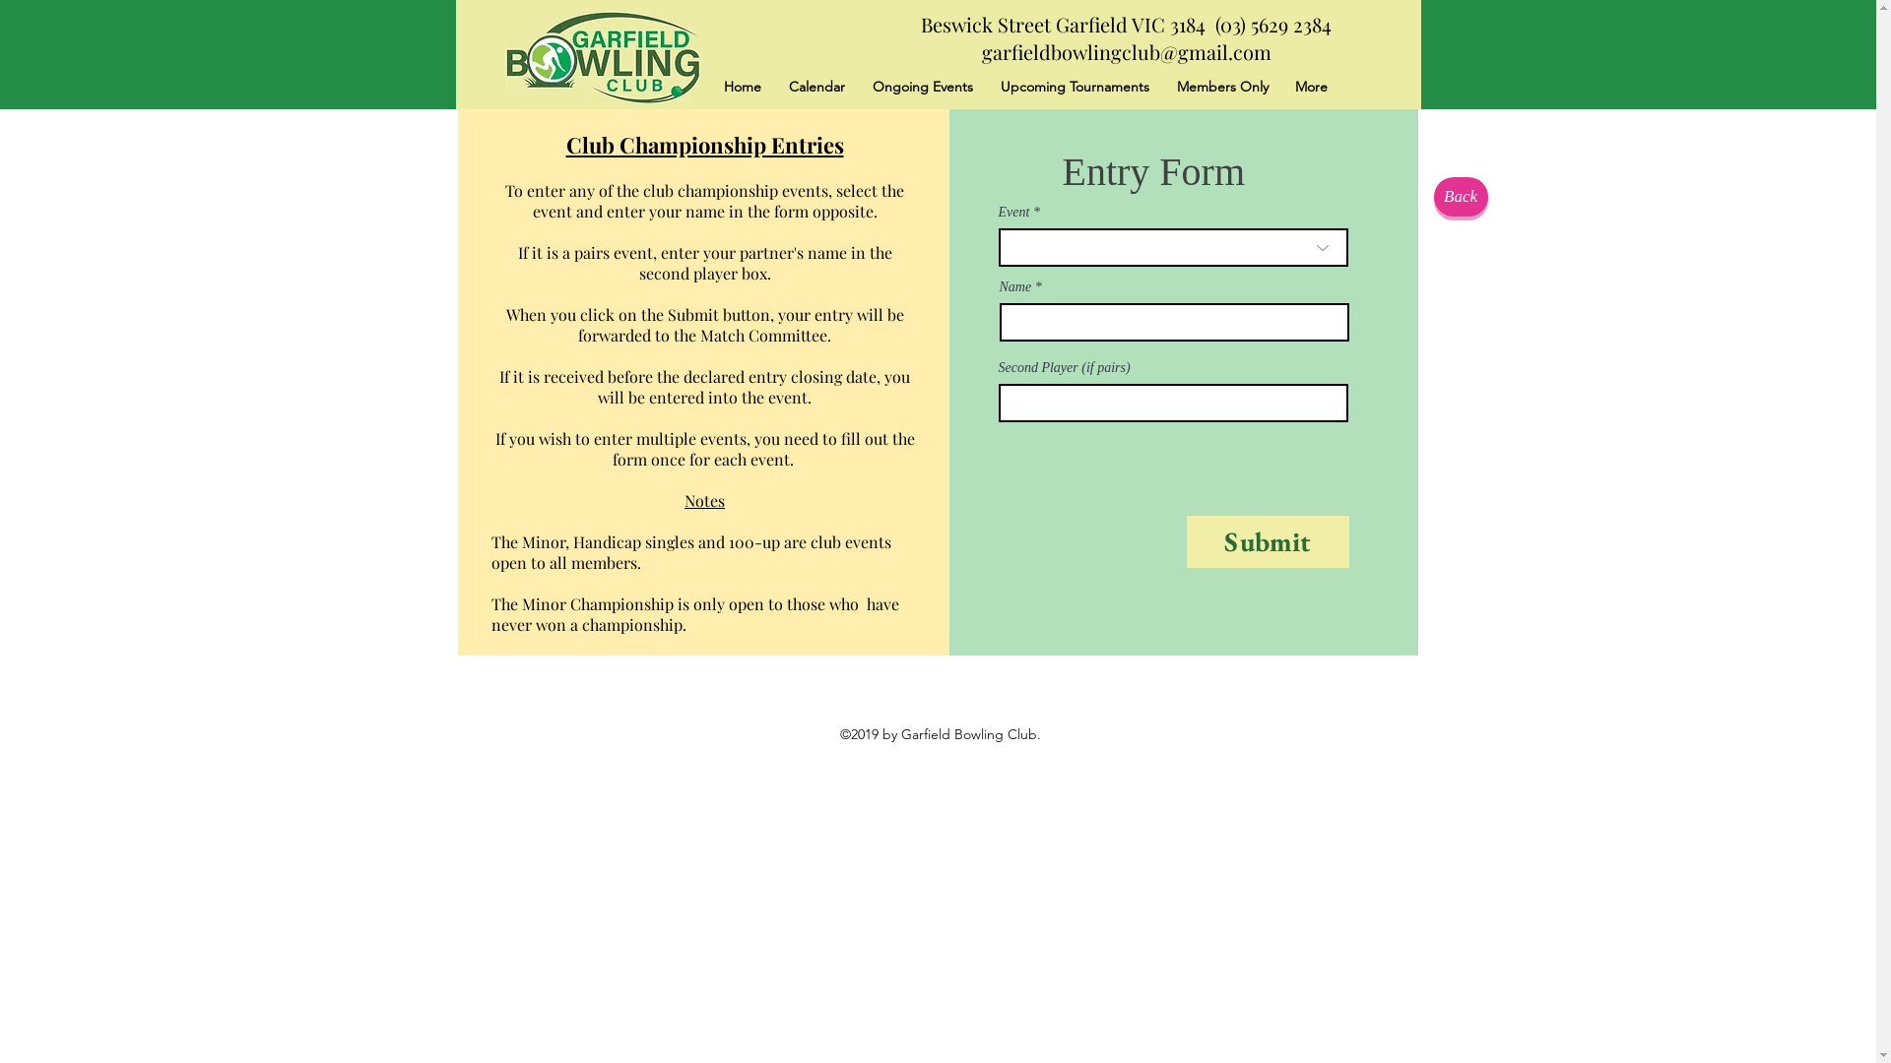 Image resolution: width=1891 pixels, height=1063 pixels. Describe the element at coordinates (1461, 197) in the screenshot. I see `'Back'` at that location.